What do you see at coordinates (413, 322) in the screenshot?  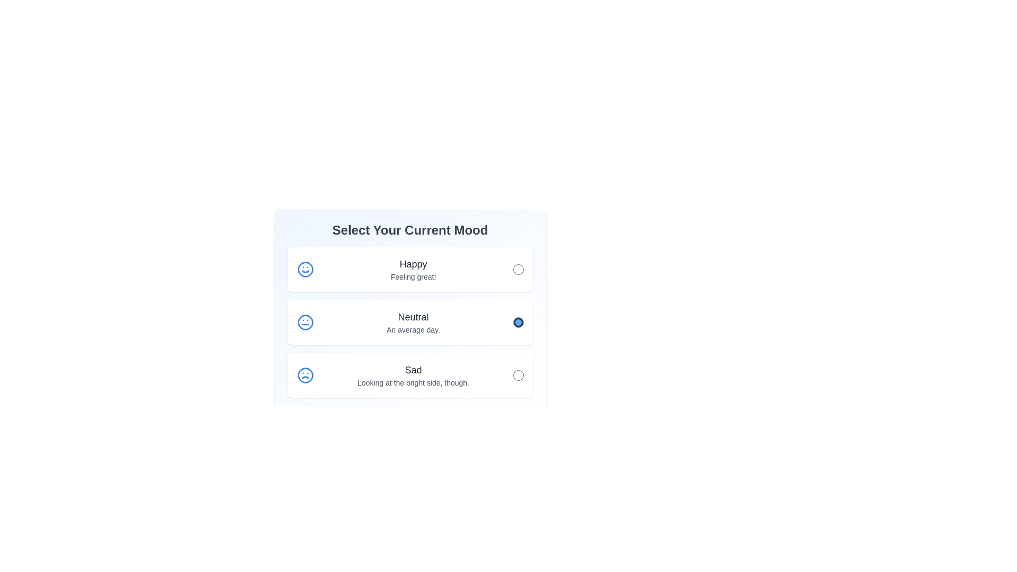 I see `the 'Neutral' mood selection text label, which is the second option in a list of mood options` at bounding box center [413, 322].